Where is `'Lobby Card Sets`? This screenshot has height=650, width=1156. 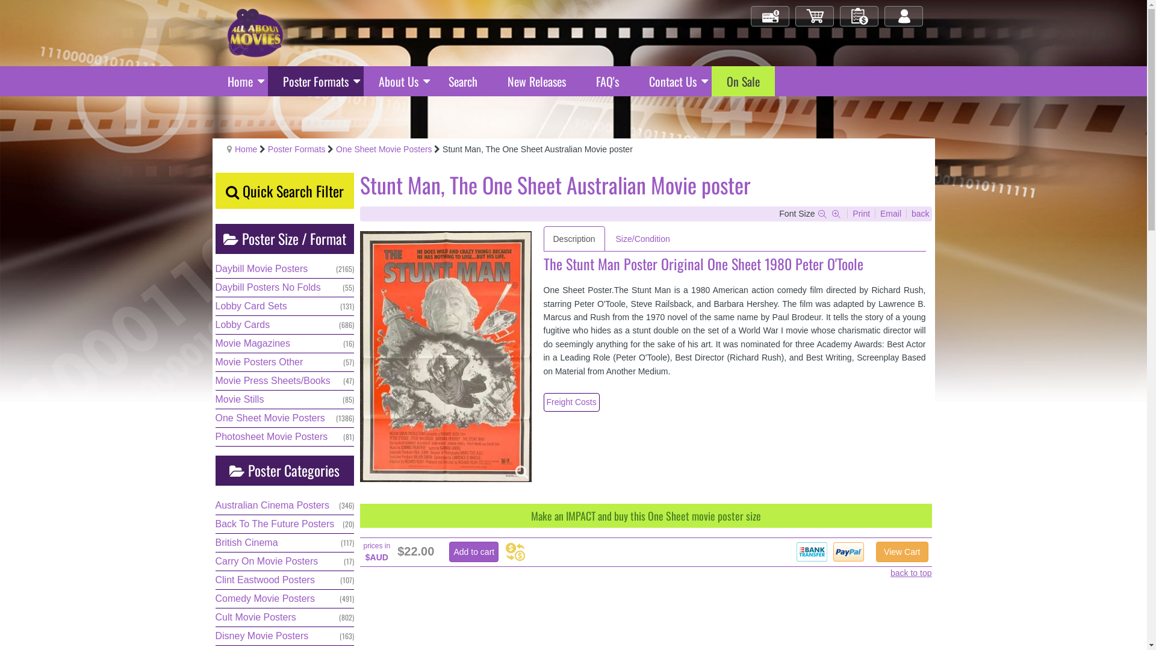
'Lobby Card Sets is located at coordinates (284, 306).